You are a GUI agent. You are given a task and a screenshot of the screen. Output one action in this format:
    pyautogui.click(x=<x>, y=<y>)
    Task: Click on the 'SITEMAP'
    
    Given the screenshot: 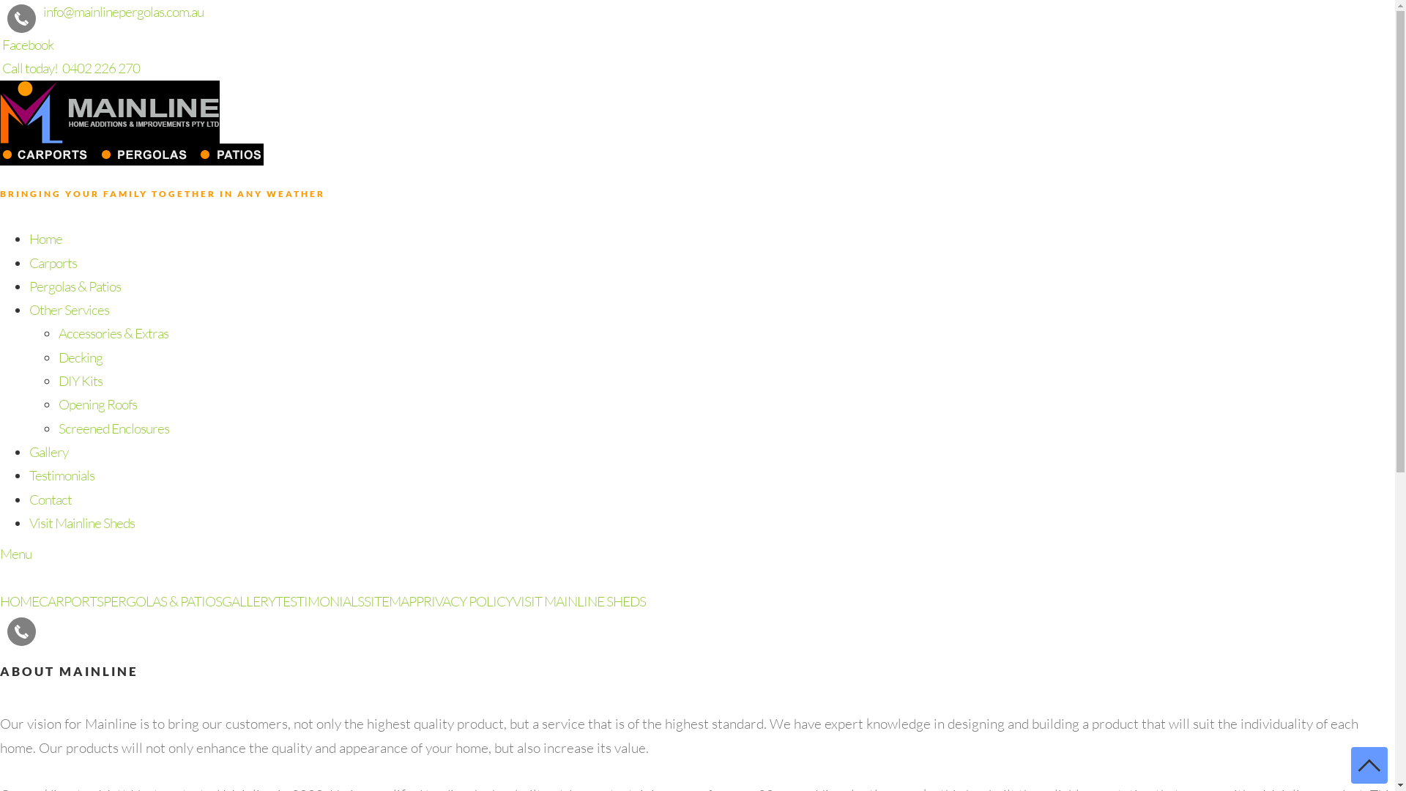 What is the action you would take?
    pyautogui.click(x=390, y=601)
    